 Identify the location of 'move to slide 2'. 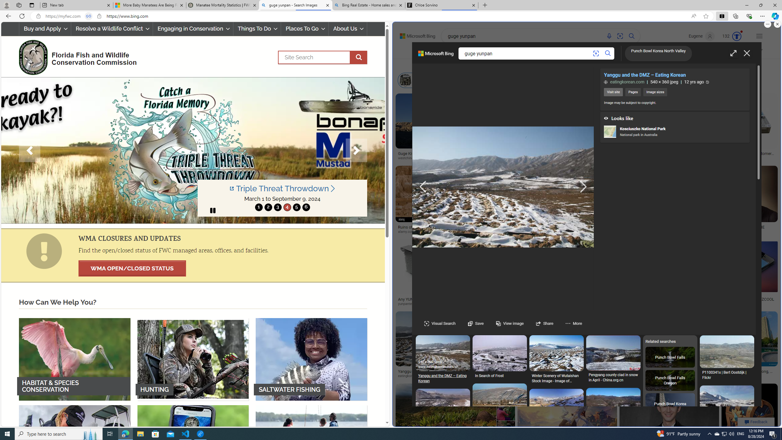
(268, 207).